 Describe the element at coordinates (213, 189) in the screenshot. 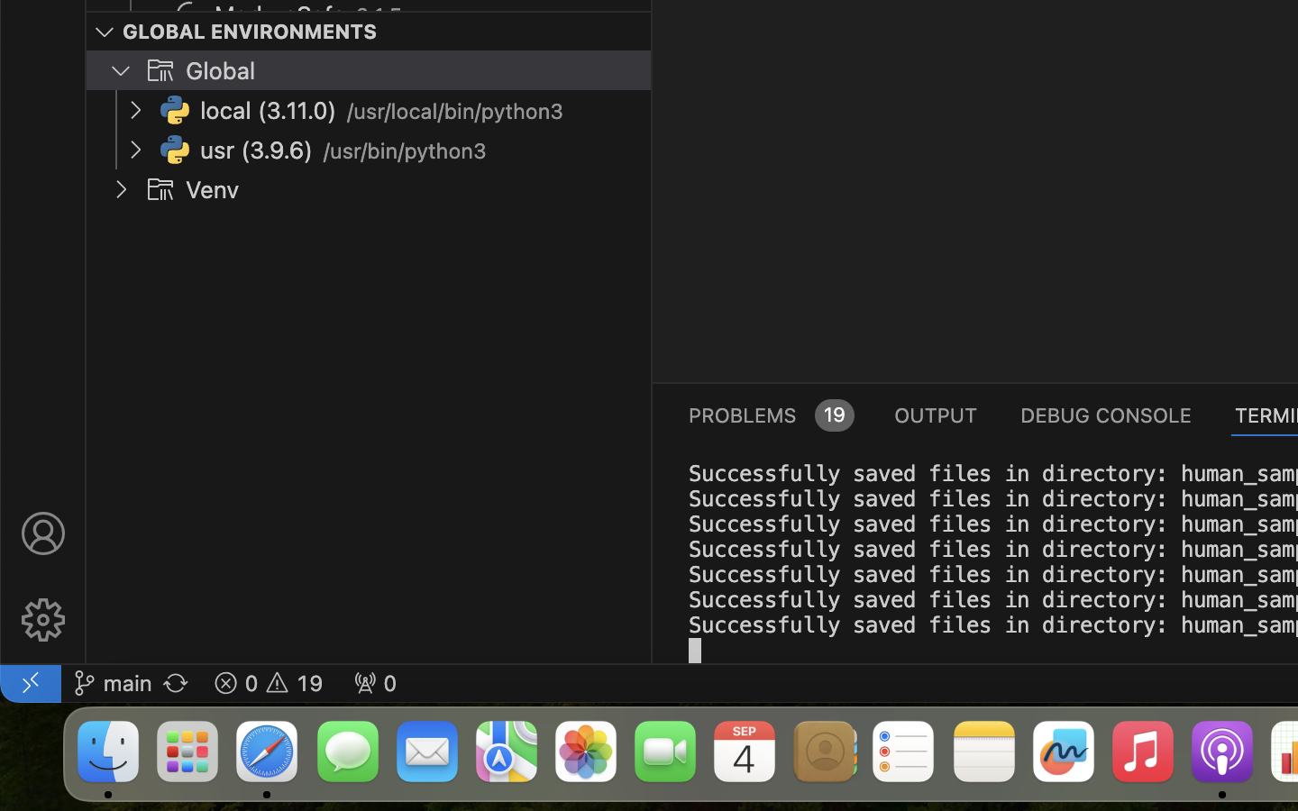

I see `'Venv'` at that location.